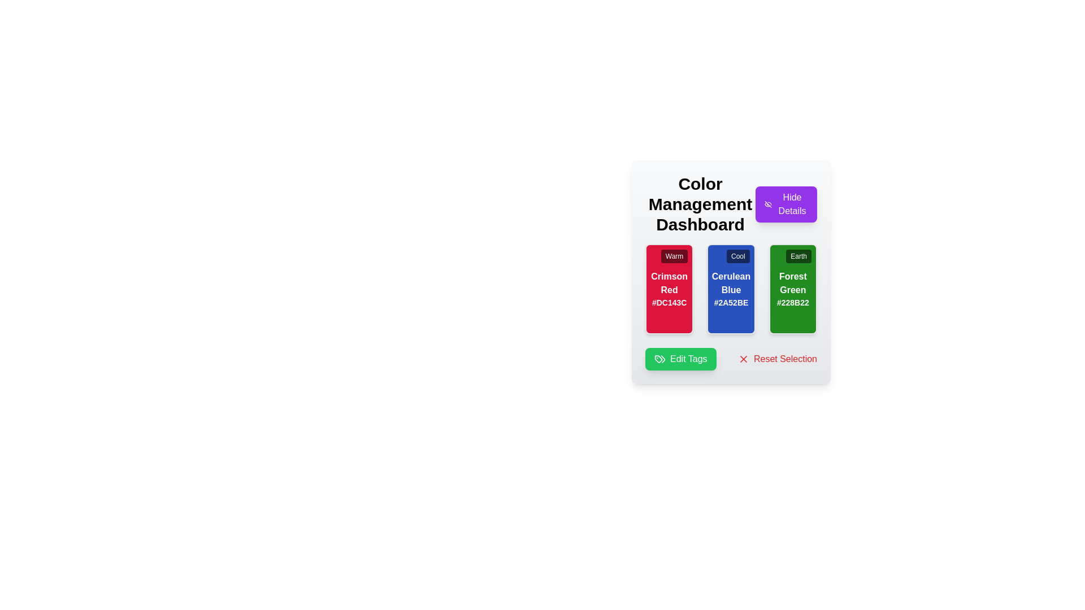  I want to click on the text label displaying the hexadecimal representation of 'Cerulean Blue', located at the bottom of the card in a three-card layout, so click(731, 302).